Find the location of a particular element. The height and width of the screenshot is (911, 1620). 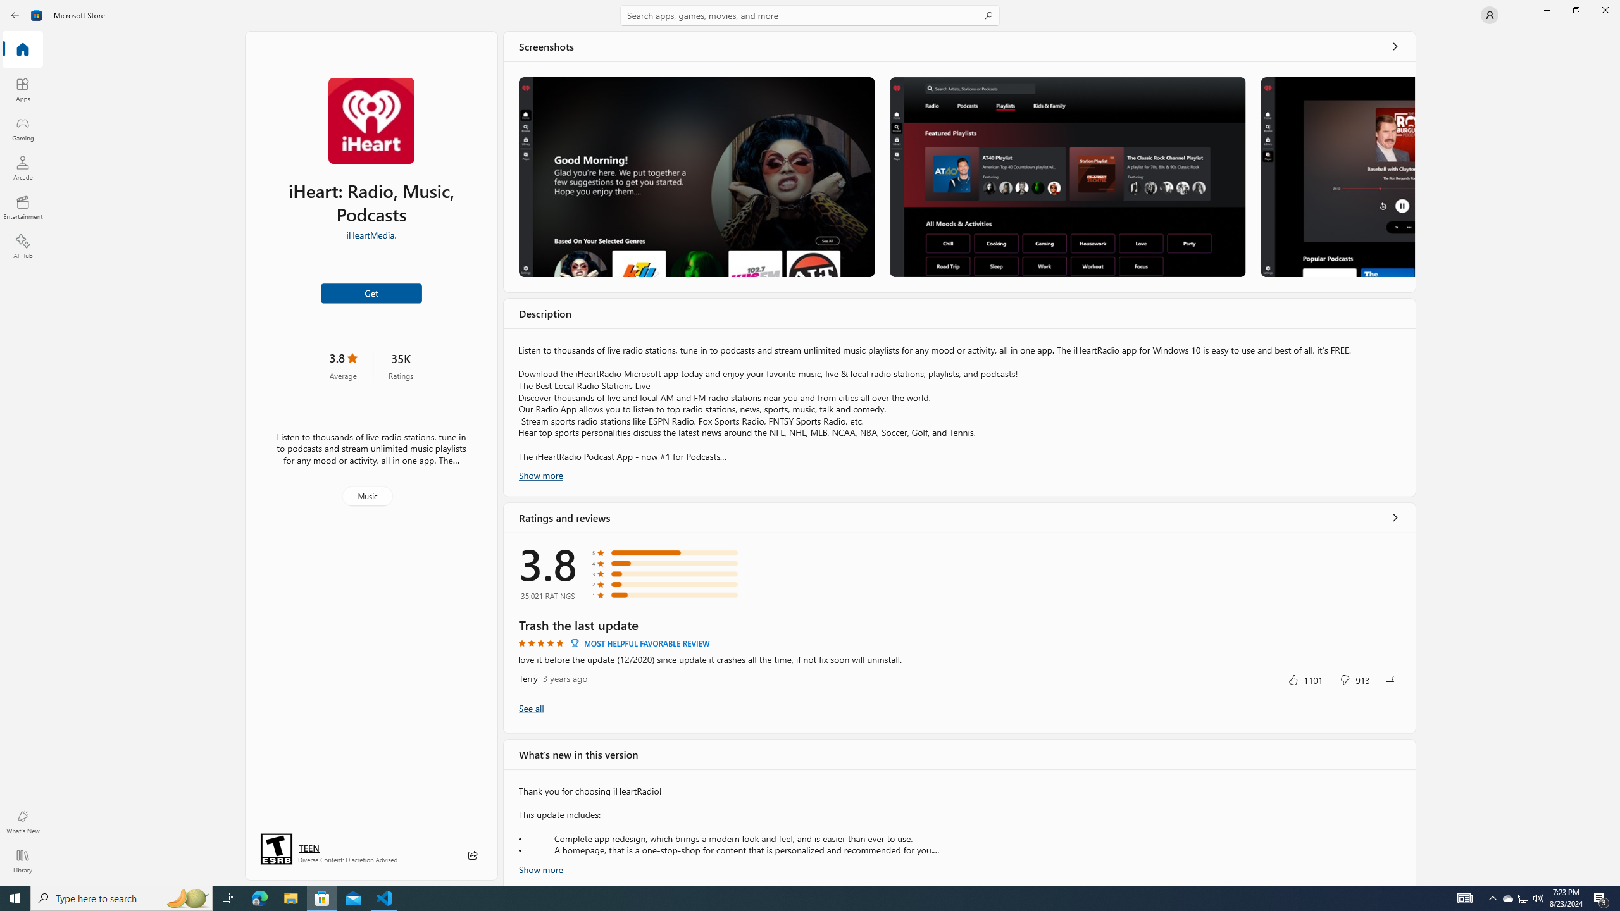

'Minimize Microsoft Store' is located at coordinates (1546, 9).